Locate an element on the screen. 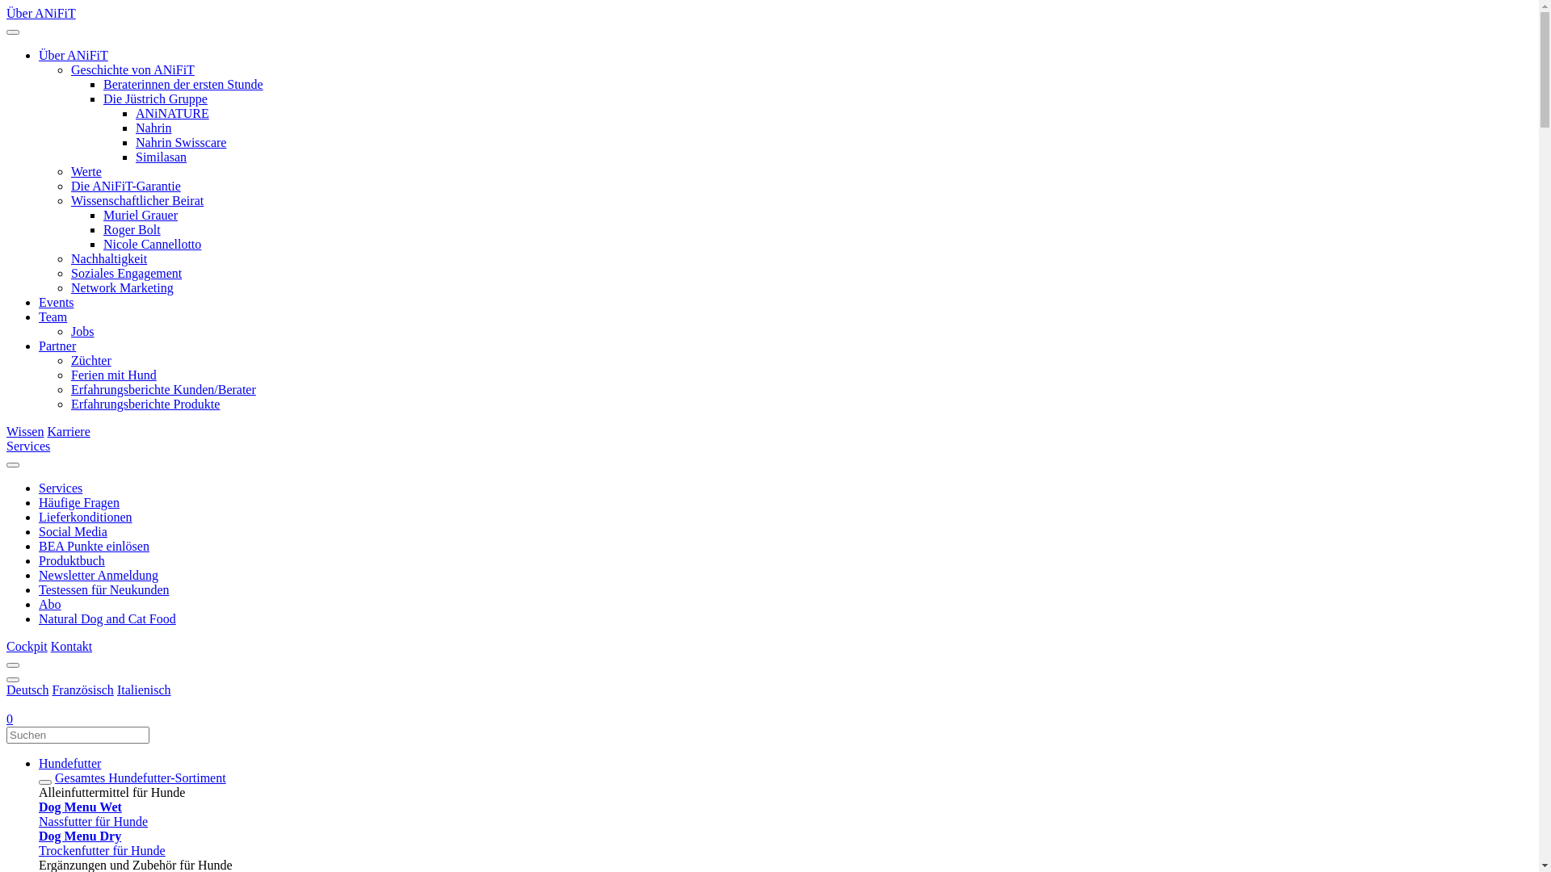 Image resolution: width=1551 pixels, height=872 pixels. 'Cockpit' is located at coordinates (6, 645).